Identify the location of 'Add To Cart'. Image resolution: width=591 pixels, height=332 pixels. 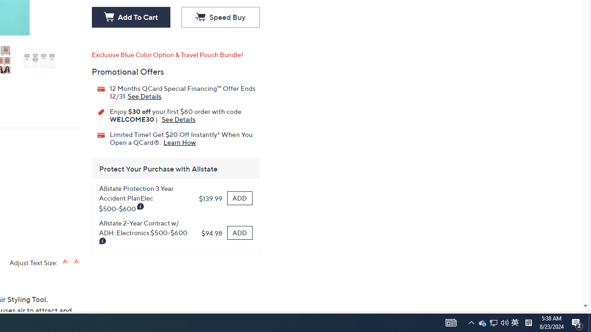
(130, 18).